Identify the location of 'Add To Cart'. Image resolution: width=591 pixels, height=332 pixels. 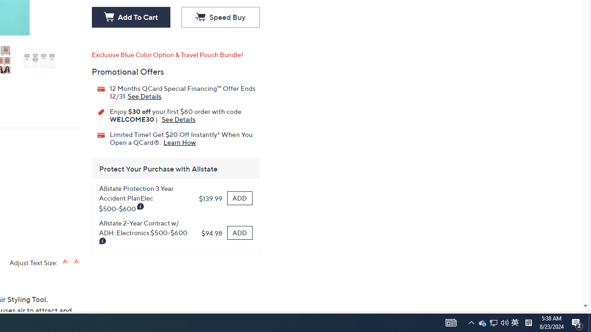
(130, 18).